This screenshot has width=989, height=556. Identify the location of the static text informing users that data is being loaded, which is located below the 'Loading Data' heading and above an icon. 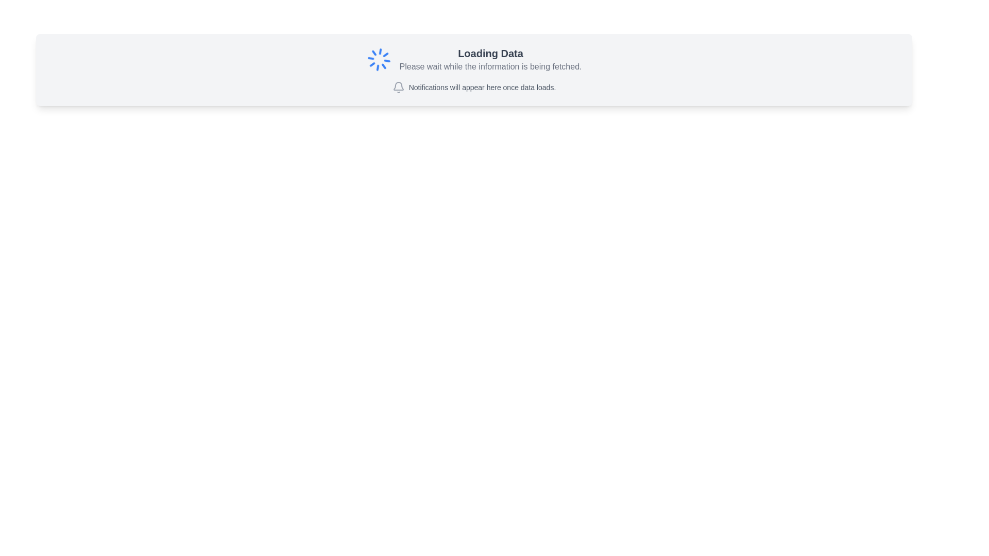
(490, 67).